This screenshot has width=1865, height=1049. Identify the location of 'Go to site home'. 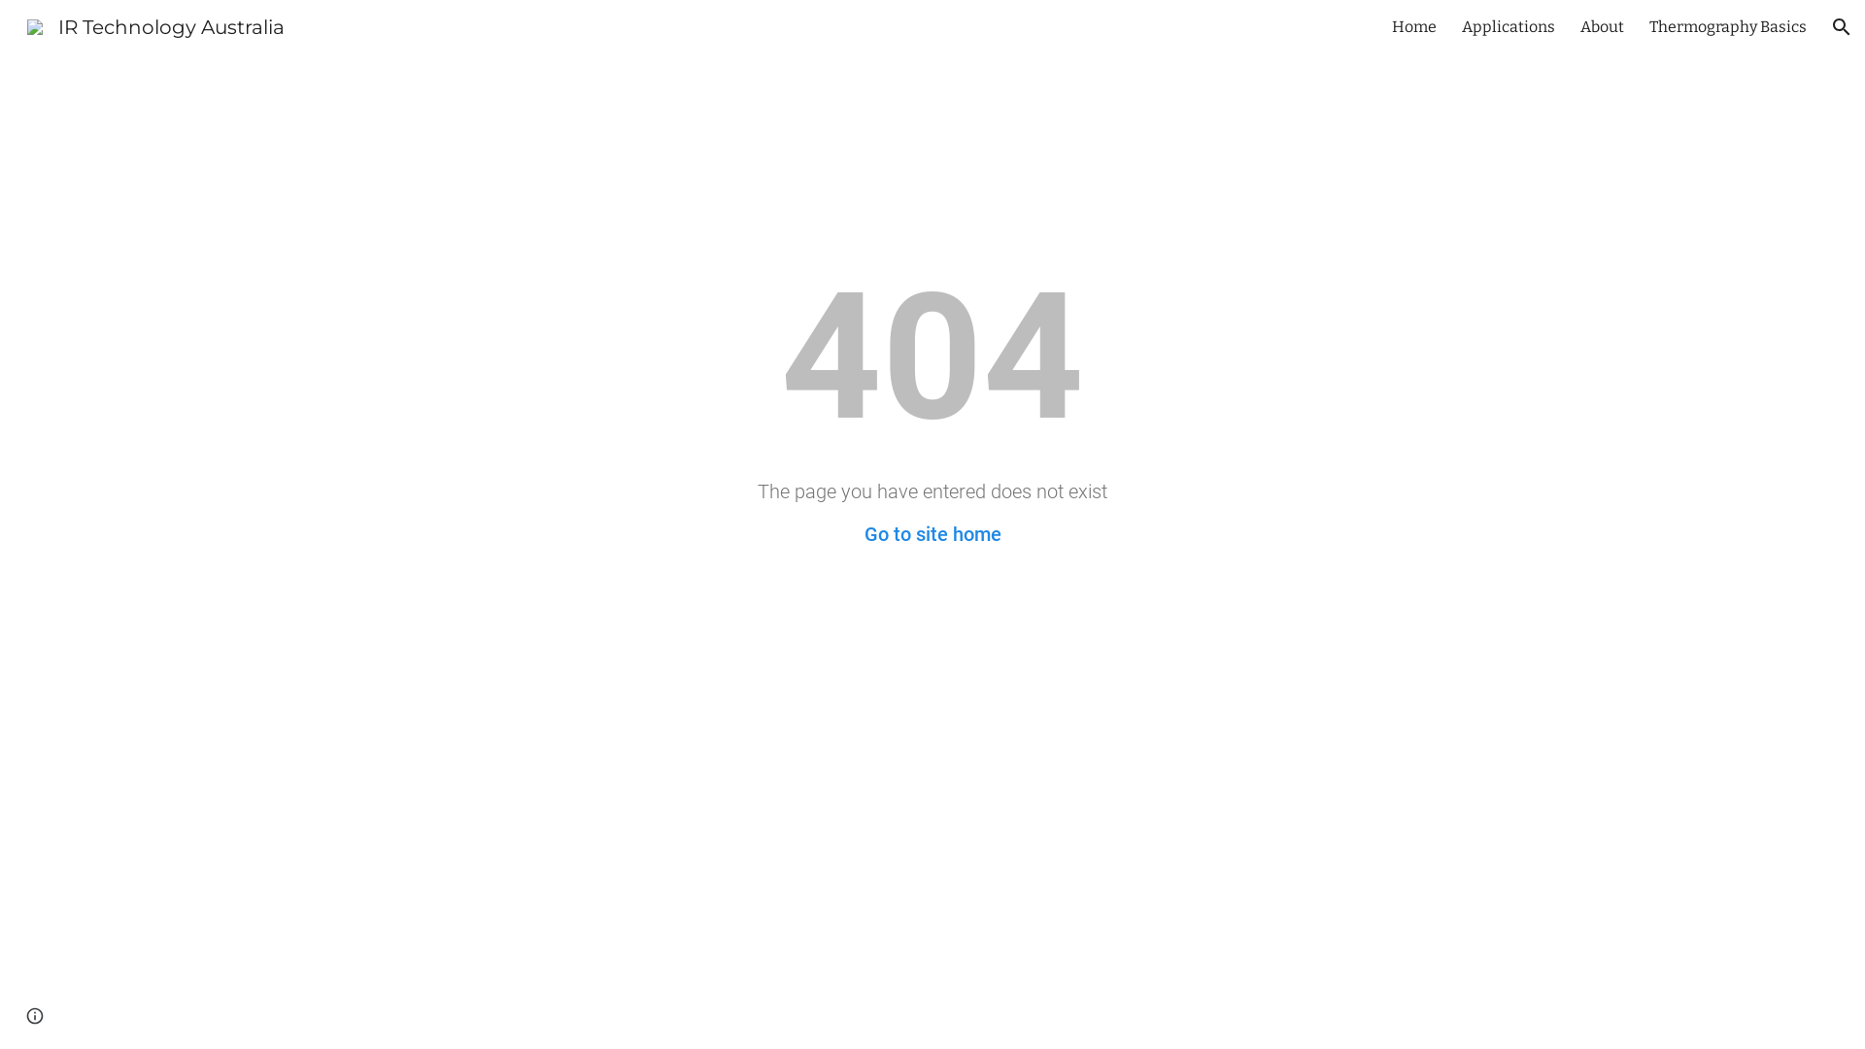
(863, 534).